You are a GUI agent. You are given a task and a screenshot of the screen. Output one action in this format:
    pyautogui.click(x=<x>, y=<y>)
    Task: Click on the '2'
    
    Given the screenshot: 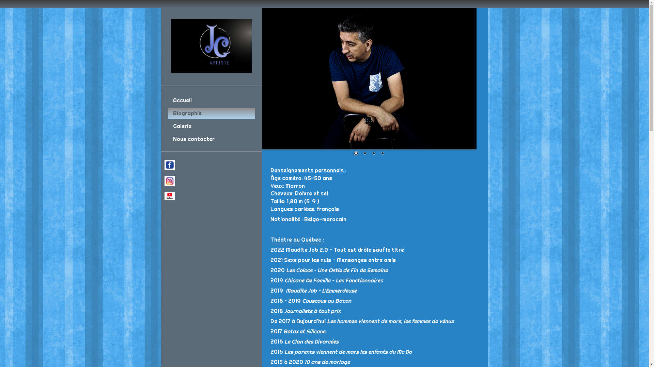 What is the action you would take?
    pyautogui.click(x=364, y=154)
    